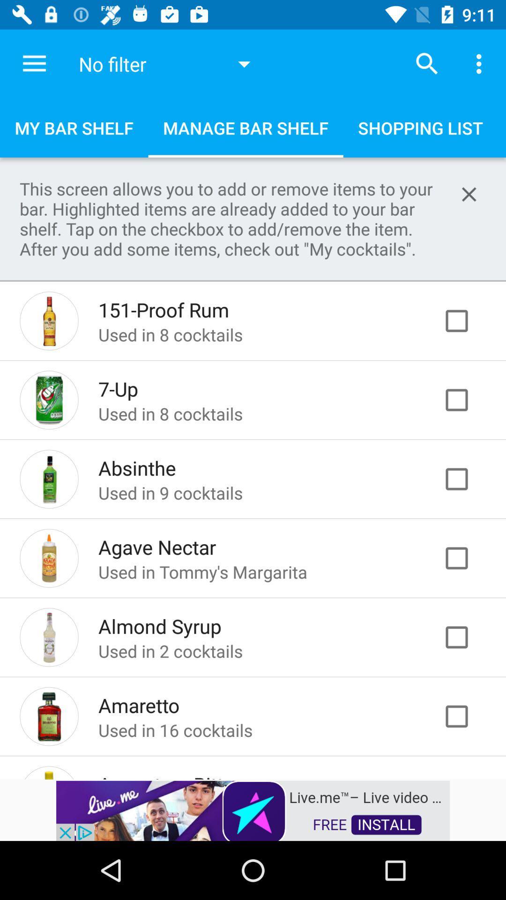  What do you see at coordinates (466, 637) in the screenshot?
I see `to bar` at bounding box center [466, 637].